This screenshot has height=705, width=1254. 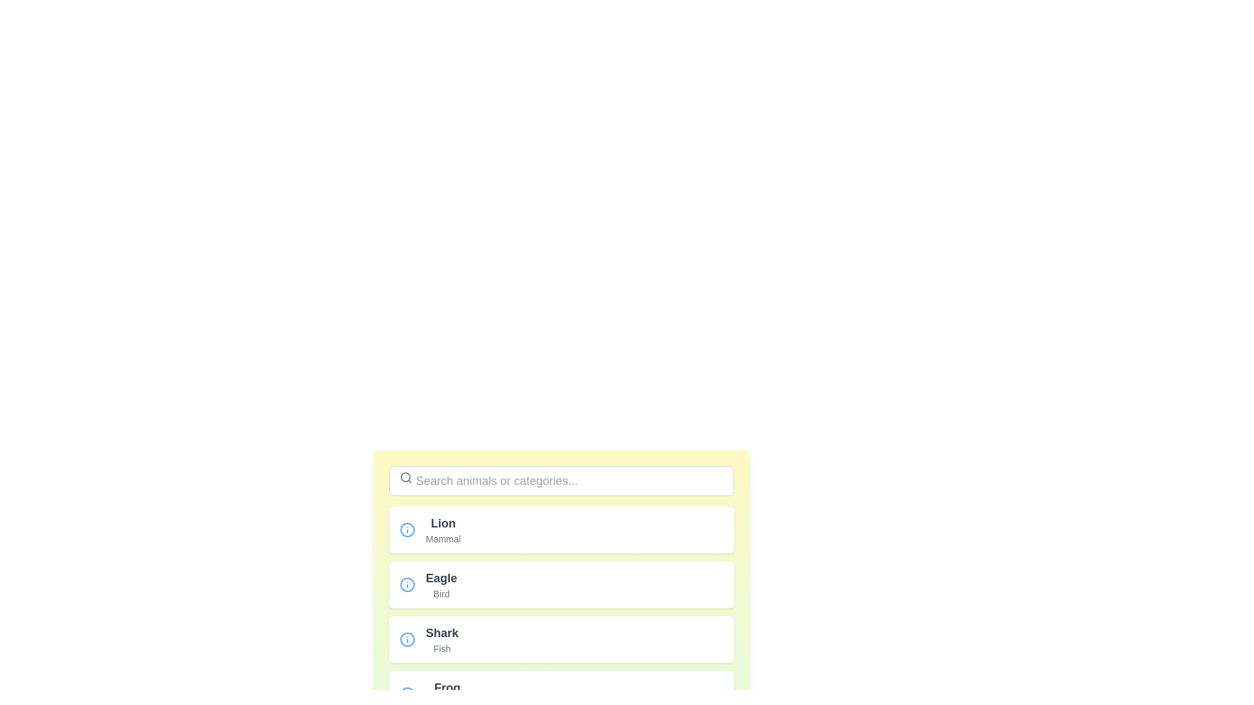 I want to click on the circular information icon with a blue border and white background, located to the left of the text 'Shark' and 'Fish', so click(x=407, y=638).